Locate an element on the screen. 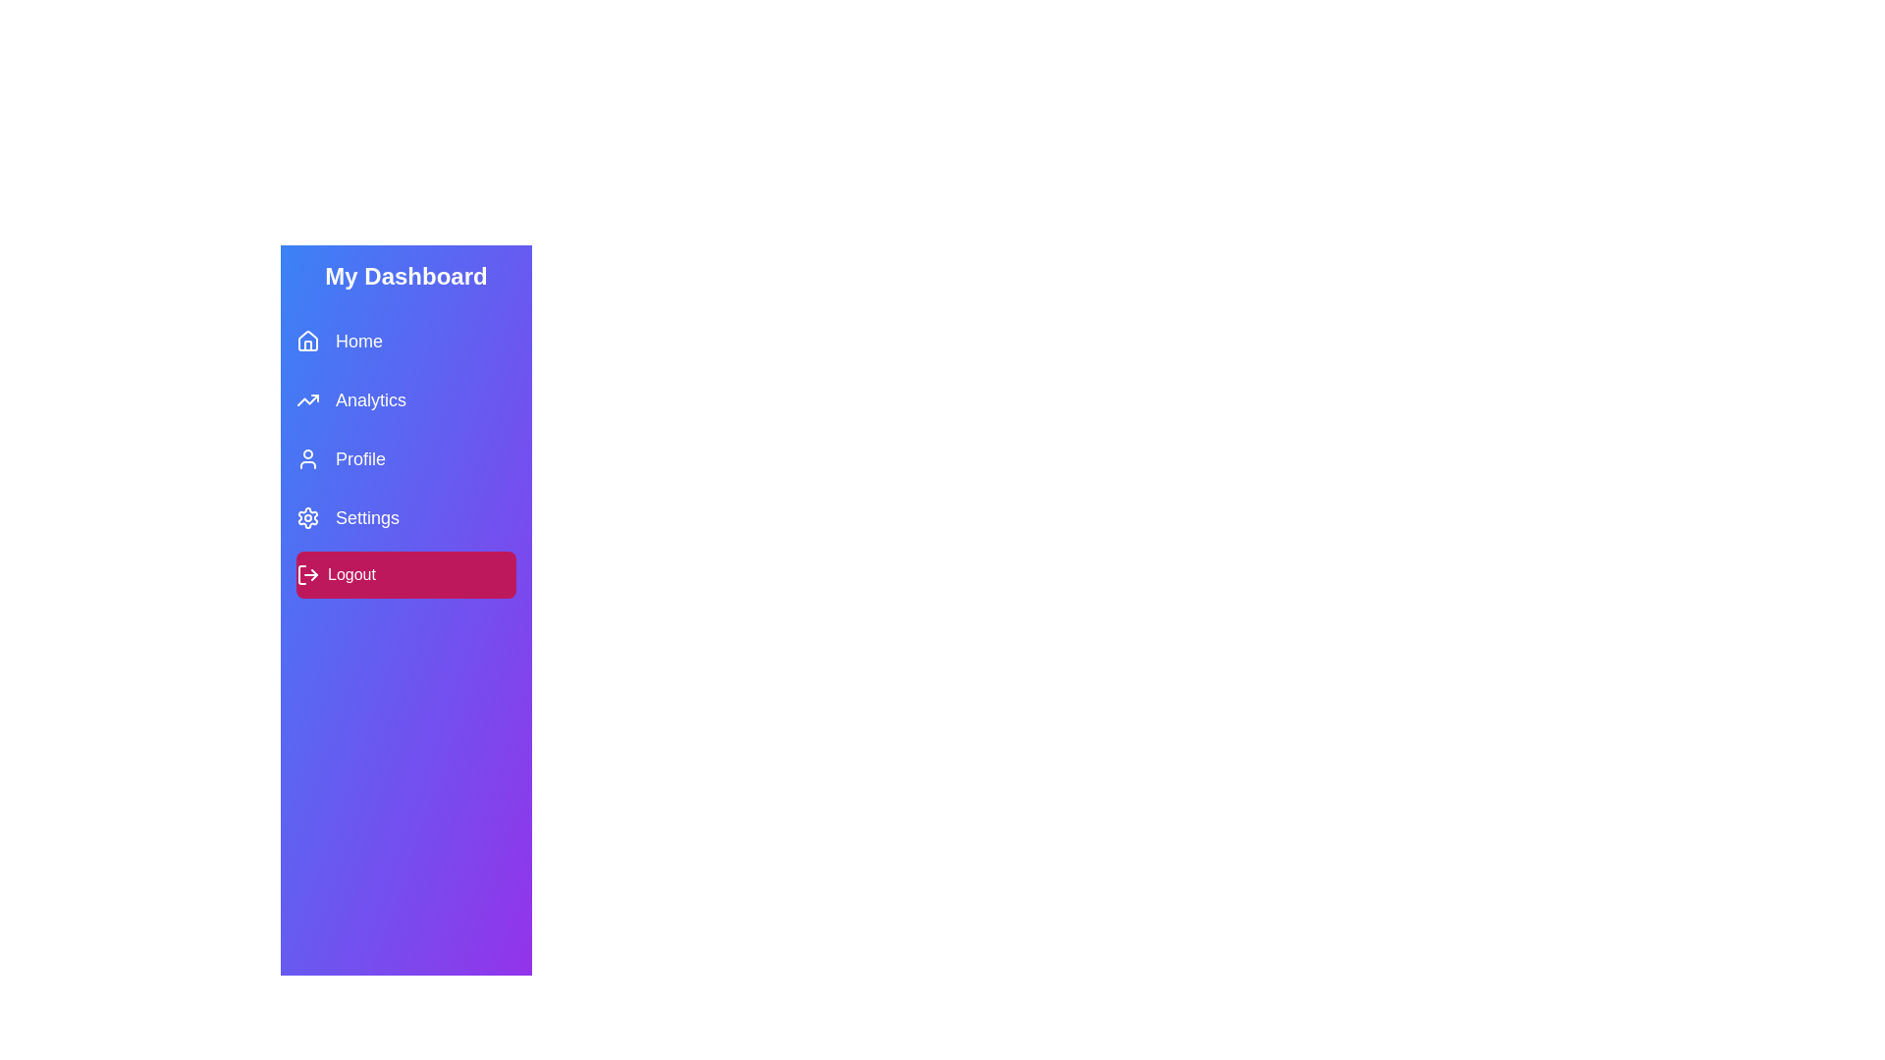 Image resolution: width=1885 pixels, height=1060 pixels. the logout icon, which features a pink background and white stroke lines, located to the left of the 'Logout' text in the sidebar menu is located at coordinates (306, 574).